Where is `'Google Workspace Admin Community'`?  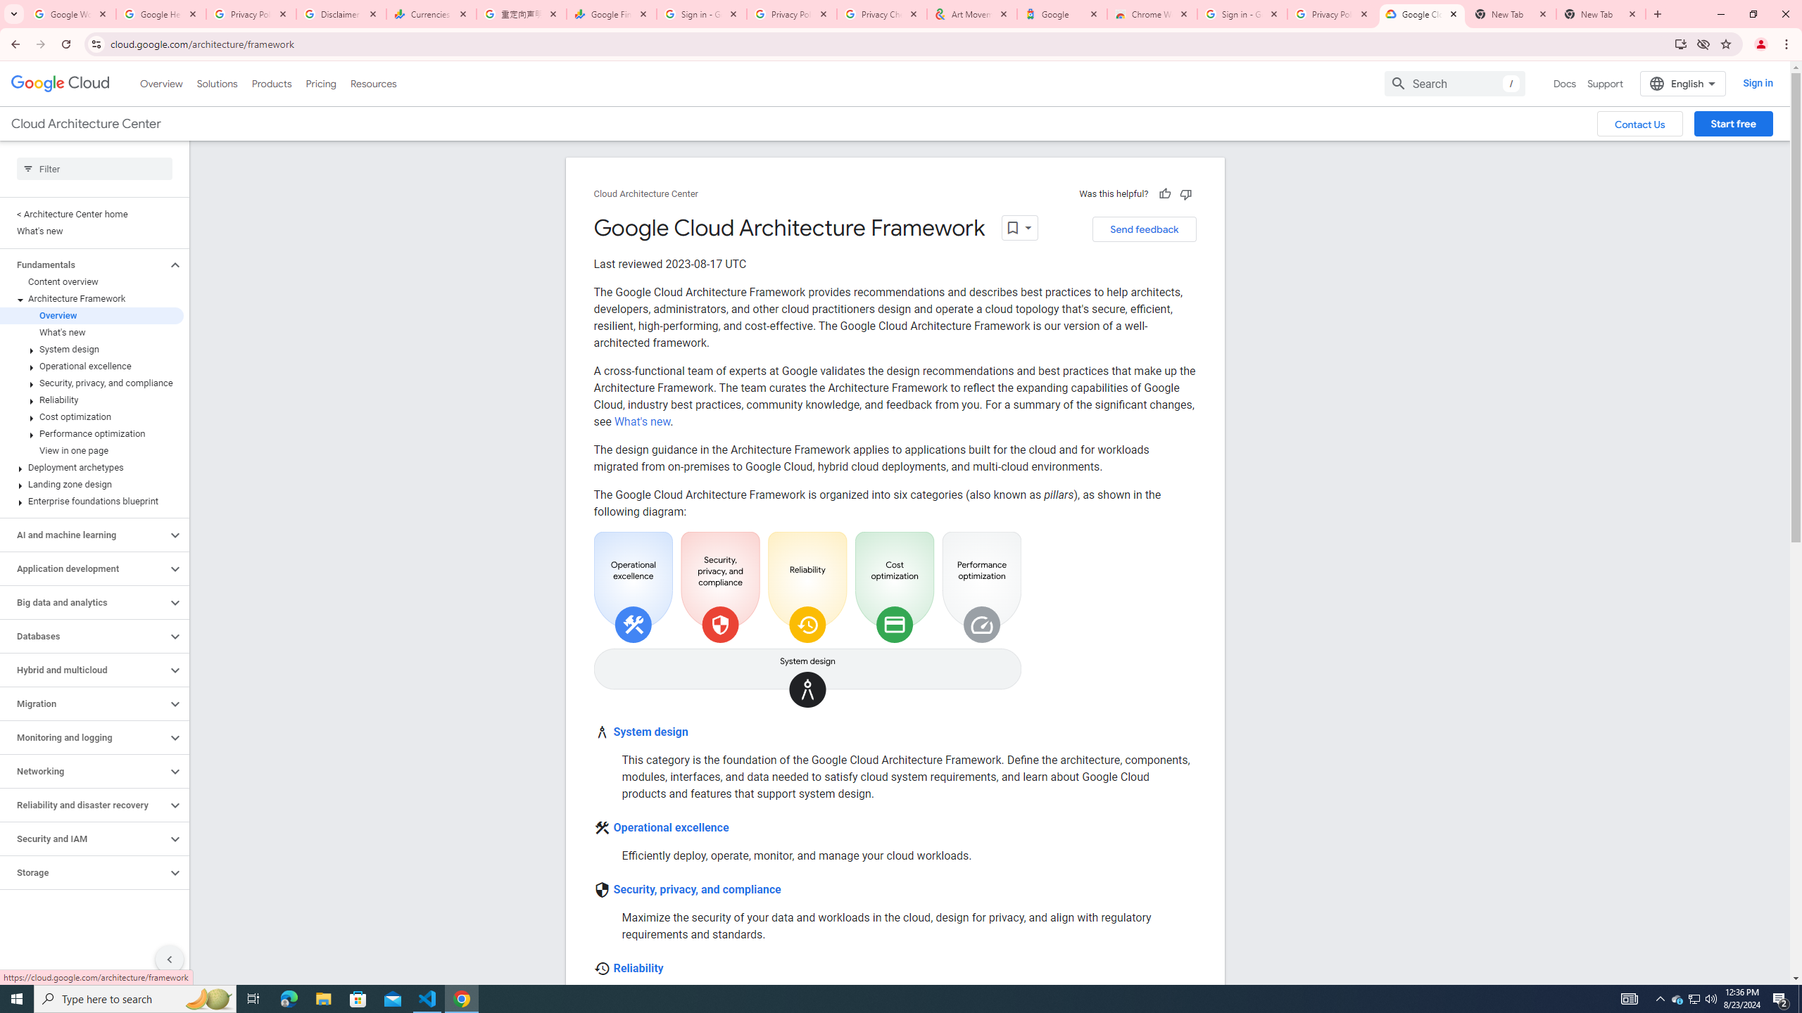 'Google Workspace Admin Community' is located at coordinates (71, 13).